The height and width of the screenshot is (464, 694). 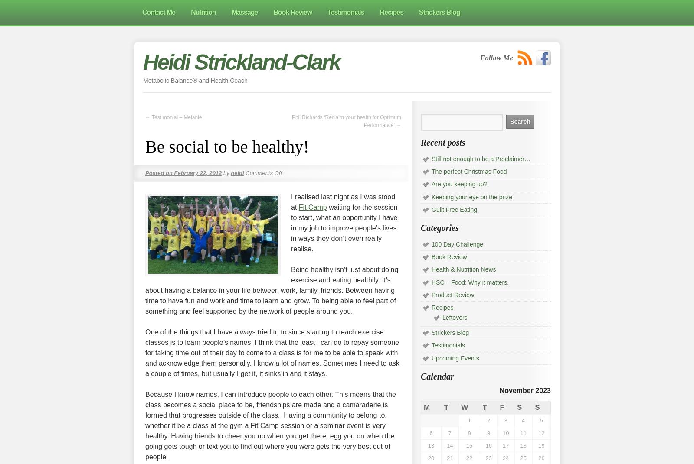 I want to click on 'Upcoming Events', so click(x=455, y=357).